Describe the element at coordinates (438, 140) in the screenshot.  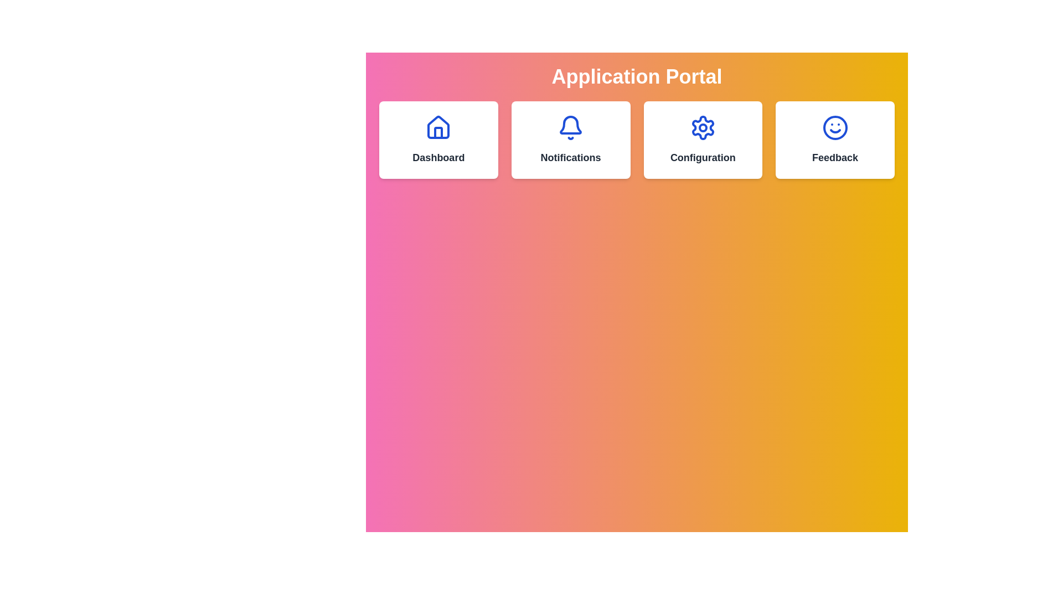
I see `the Dashboard card, which is the first card in a four-column grid layout, featuring a blue house icon and bold black text reading 'Dashboard', to observe the hover effects` at that location.